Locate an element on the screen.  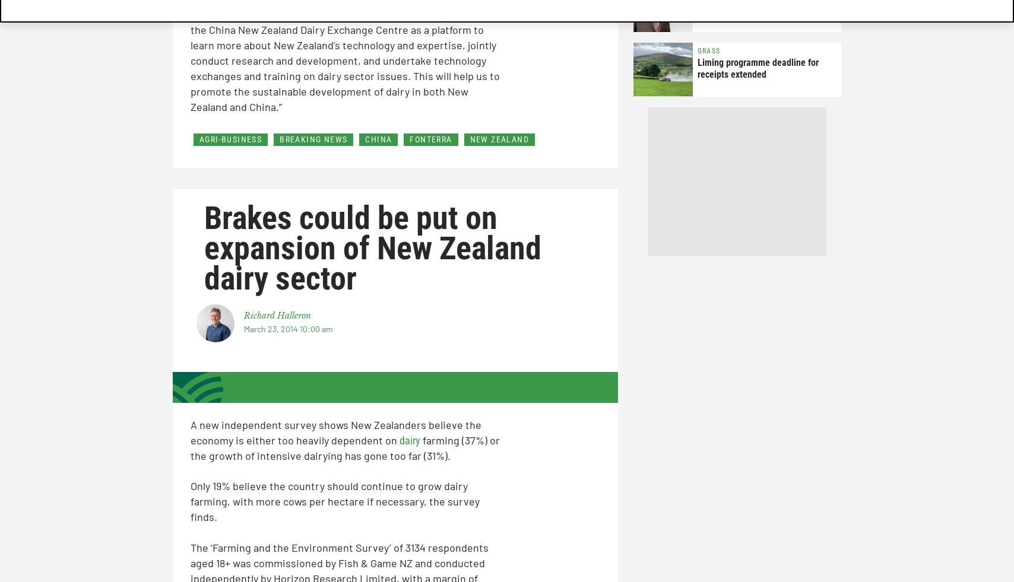
'Grass' is located at coordinates (697, 50).